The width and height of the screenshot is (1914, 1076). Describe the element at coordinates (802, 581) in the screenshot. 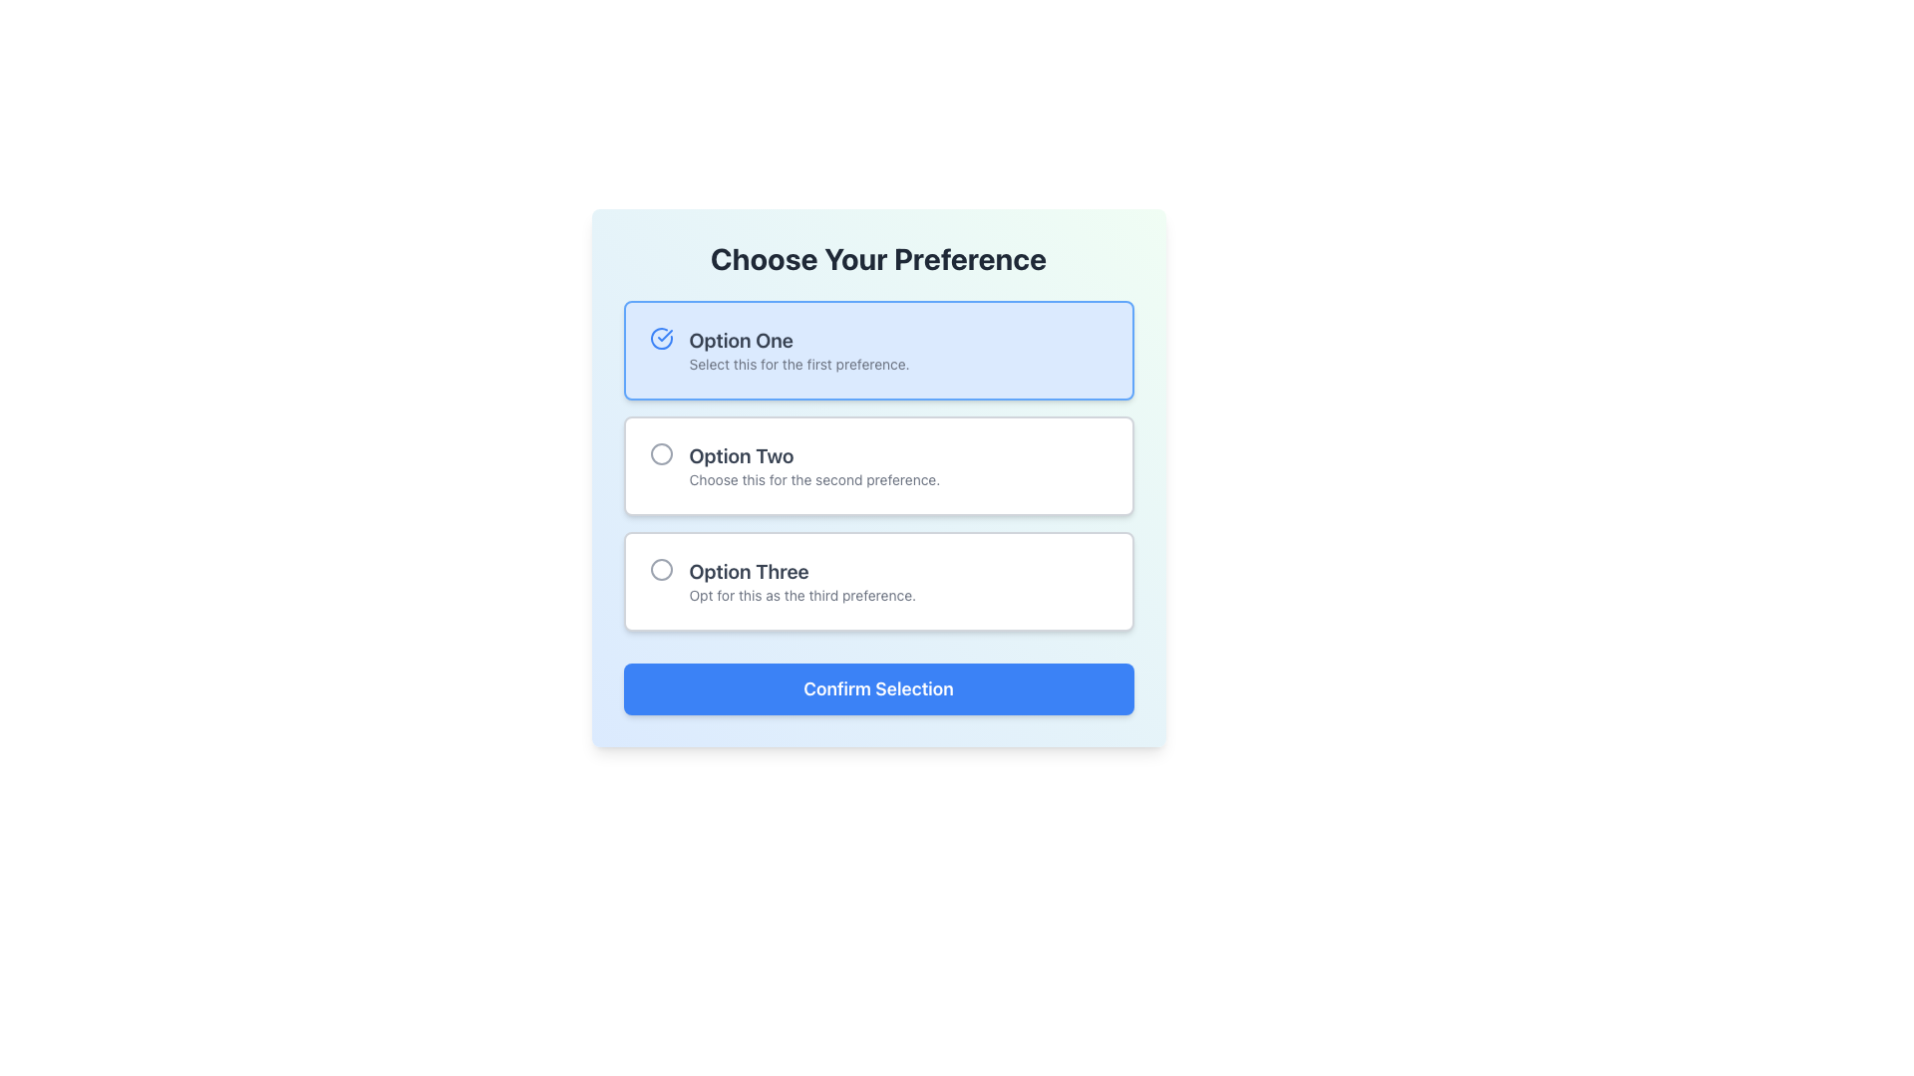

I see `text label containing 'Option Three' and its description 'Opt for this as the third preference.' which is located in the third card of selectable options` at that location.